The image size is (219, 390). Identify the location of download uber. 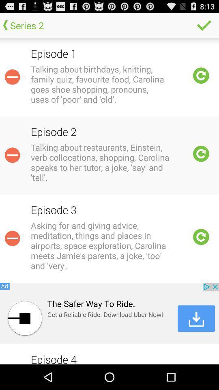
(109, 313).